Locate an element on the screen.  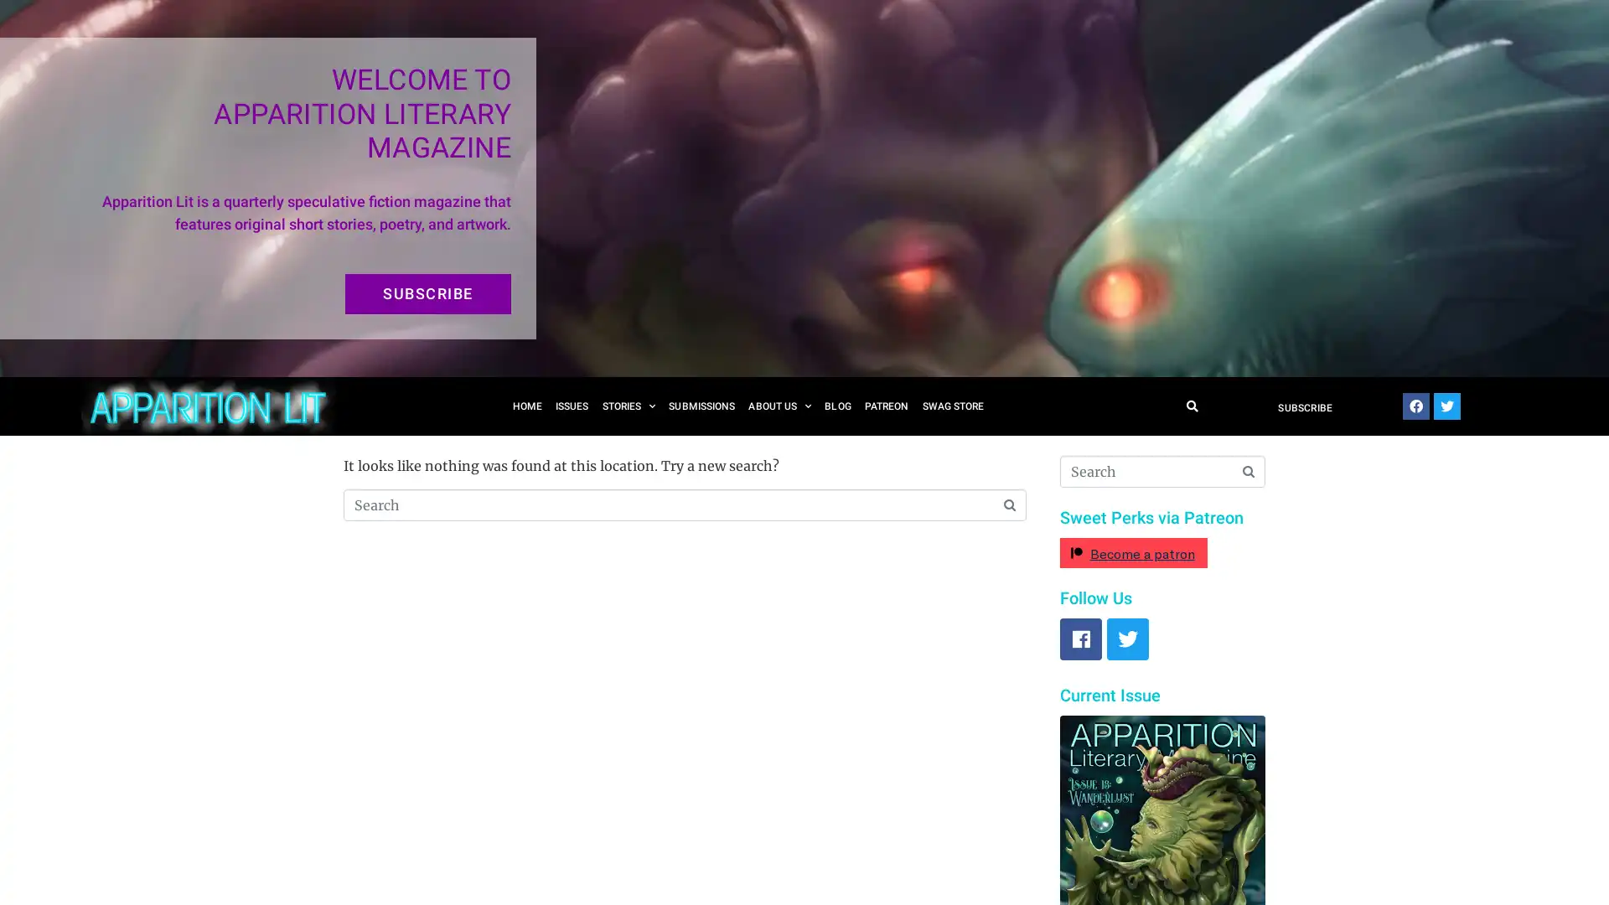
SUBSCRIBE is located at coordinates (427, 293).